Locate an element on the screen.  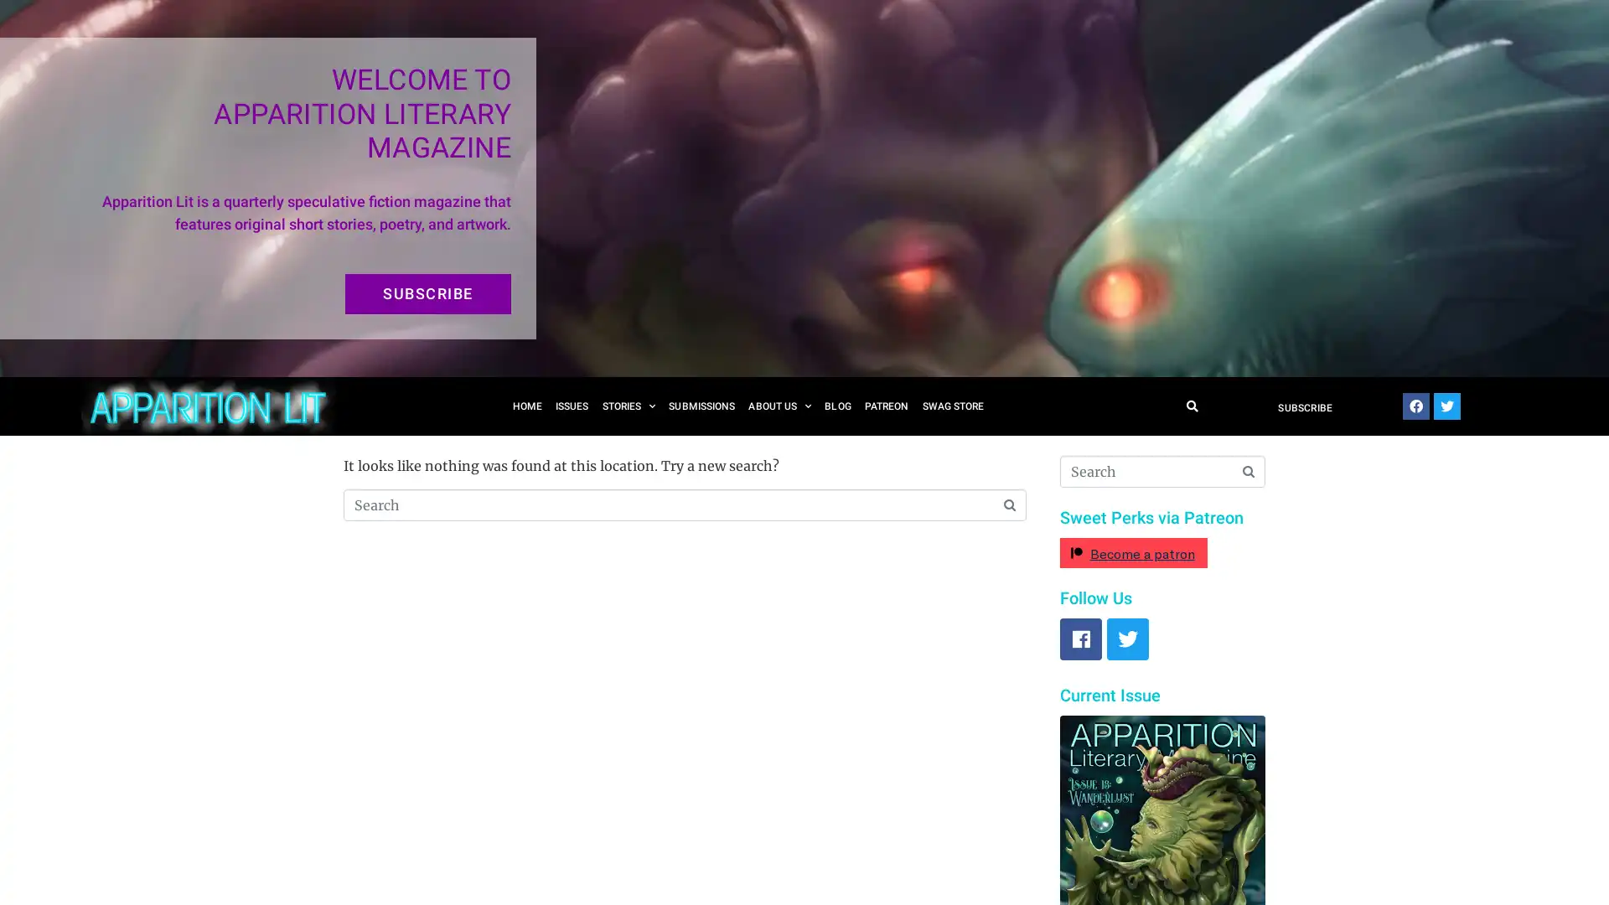
SUBSCRIBE is located at coordinates (427, 293).